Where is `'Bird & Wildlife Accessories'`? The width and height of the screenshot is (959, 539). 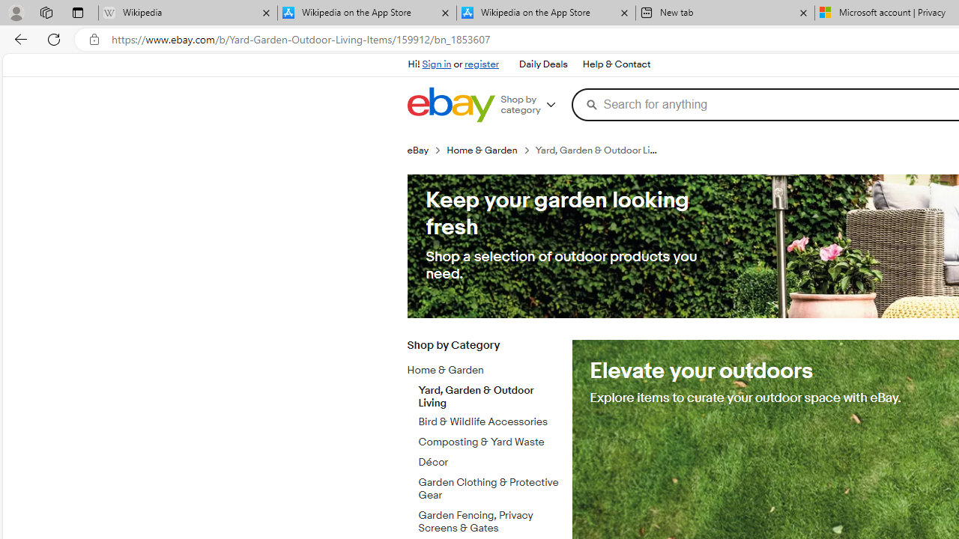
'Bird & Wildlife Accessories' is located at coordinates (489, 422).